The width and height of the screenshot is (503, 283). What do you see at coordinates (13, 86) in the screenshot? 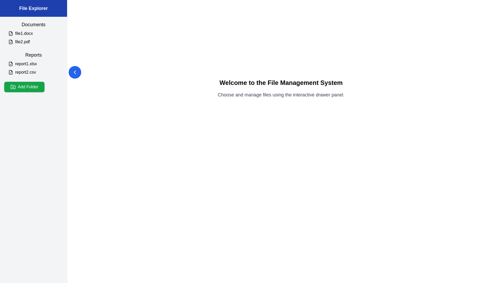
I see `the outlined folder icon with a plus sign inside it, which is located to the left of the 'Add Folder' text within a green button in the left sidebar` at bounding box center [13, 86].